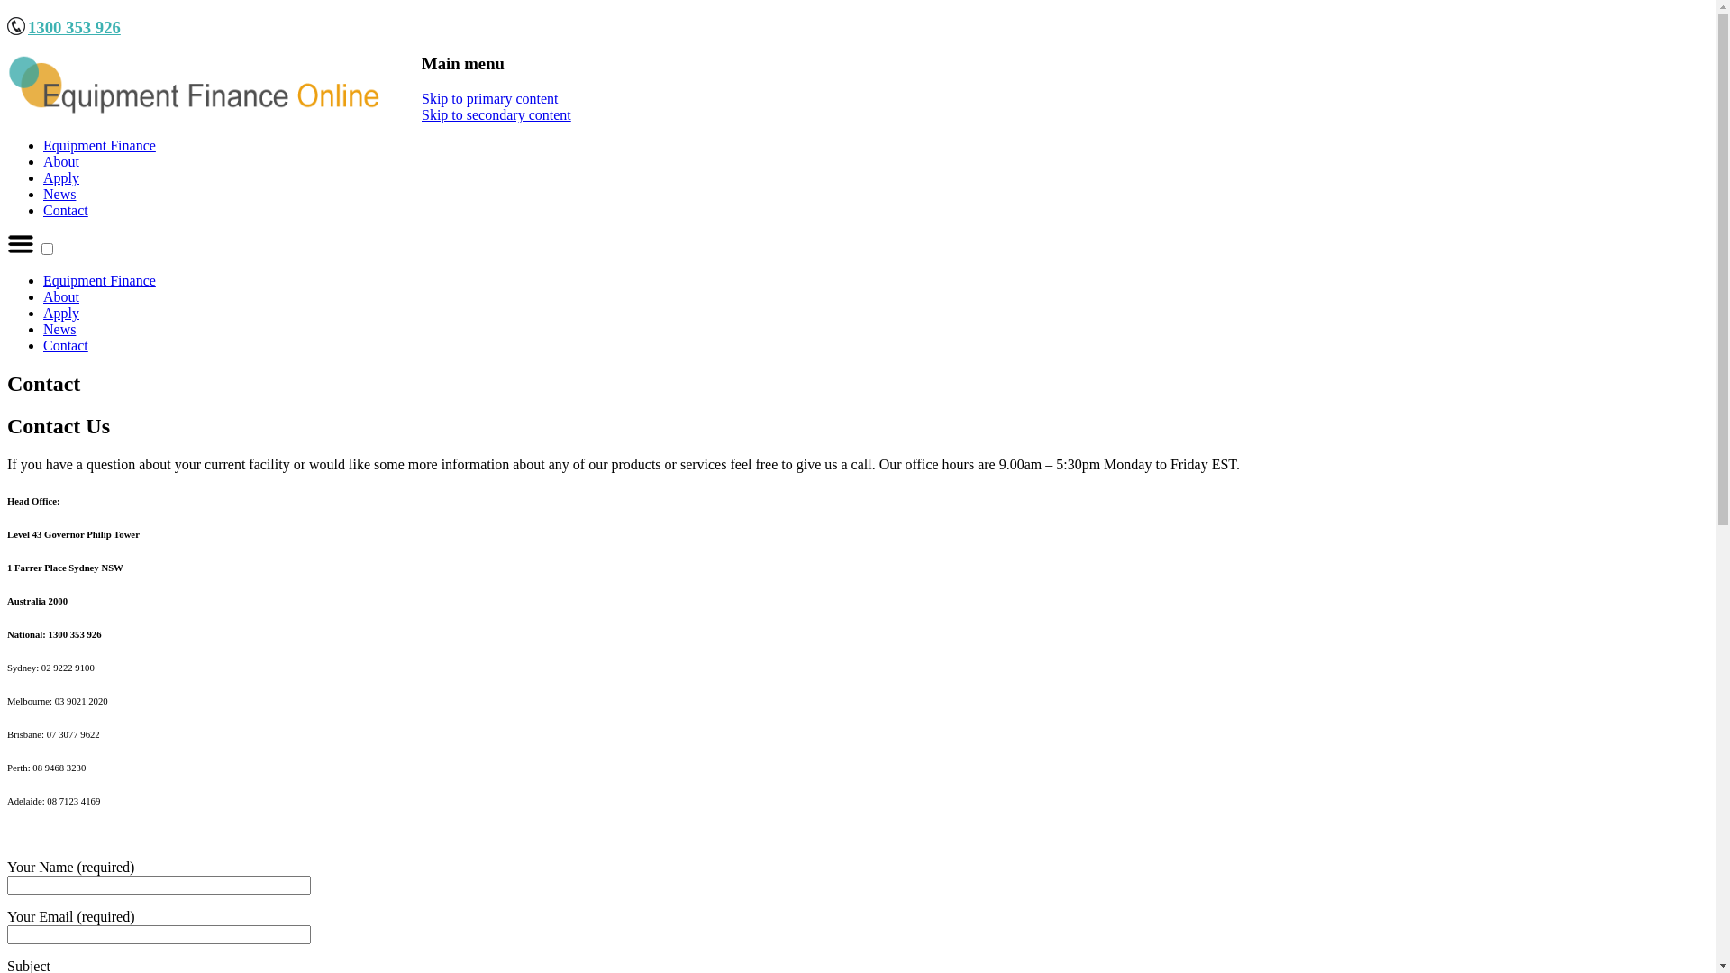 Image resolution: width=1730 pixels, height=973 pixels. What do you see at coordinates (59, 194) in the screenshot?
I see `'News'` at bounding box center [59, 194].